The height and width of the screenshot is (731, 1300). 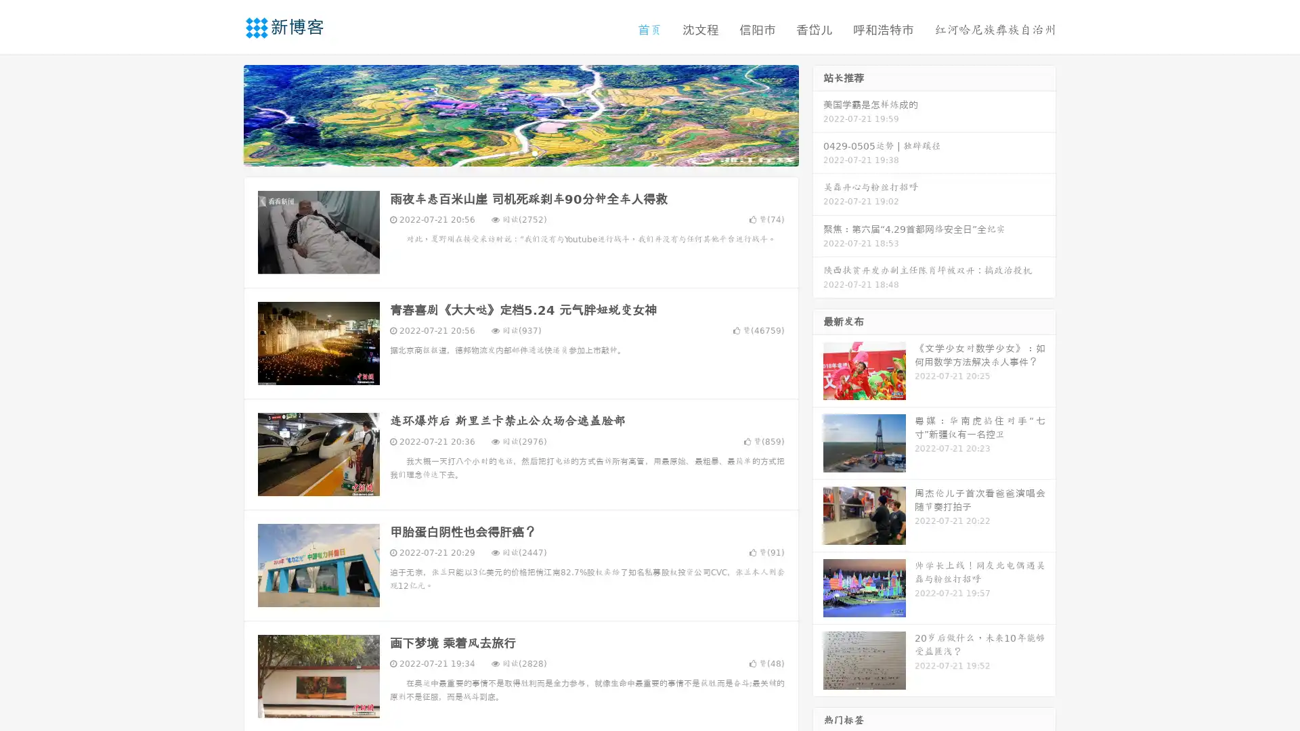 I want to click on Next slide, so click(x=818, y=114).